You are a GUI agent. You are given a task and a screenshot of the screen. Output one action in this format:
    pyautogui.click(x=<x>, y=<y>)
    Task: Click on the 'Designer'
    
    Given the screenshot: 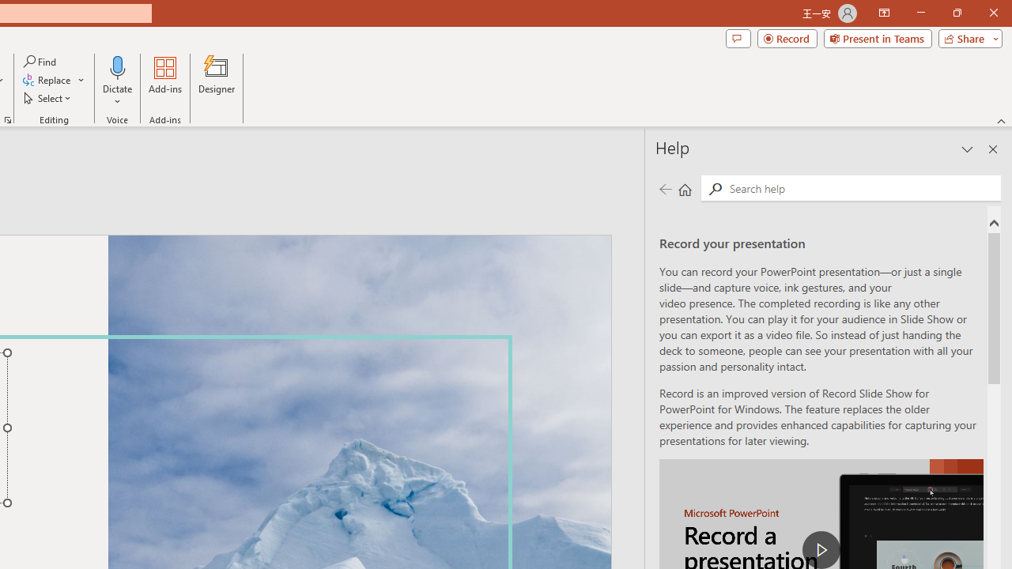 What is the action you would take?
    pyautogui.click(x=216, y=81)
    